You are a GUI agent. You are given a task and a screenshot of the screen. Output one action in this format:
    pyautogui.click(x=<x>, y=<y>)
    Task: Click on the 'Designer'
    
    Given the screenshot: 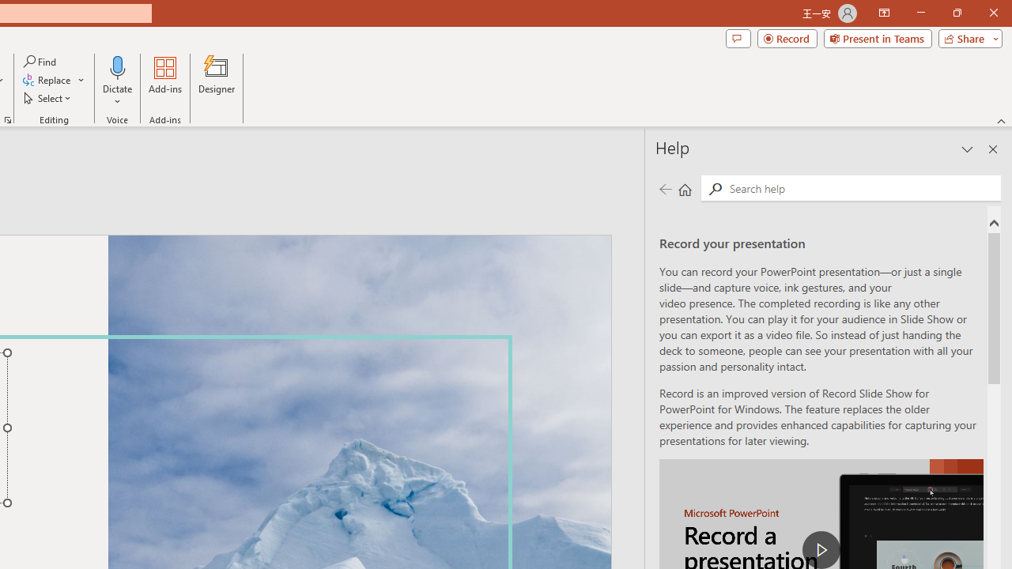 What is the action you would take?
    pyautogui.click(x=216, y=81)
    